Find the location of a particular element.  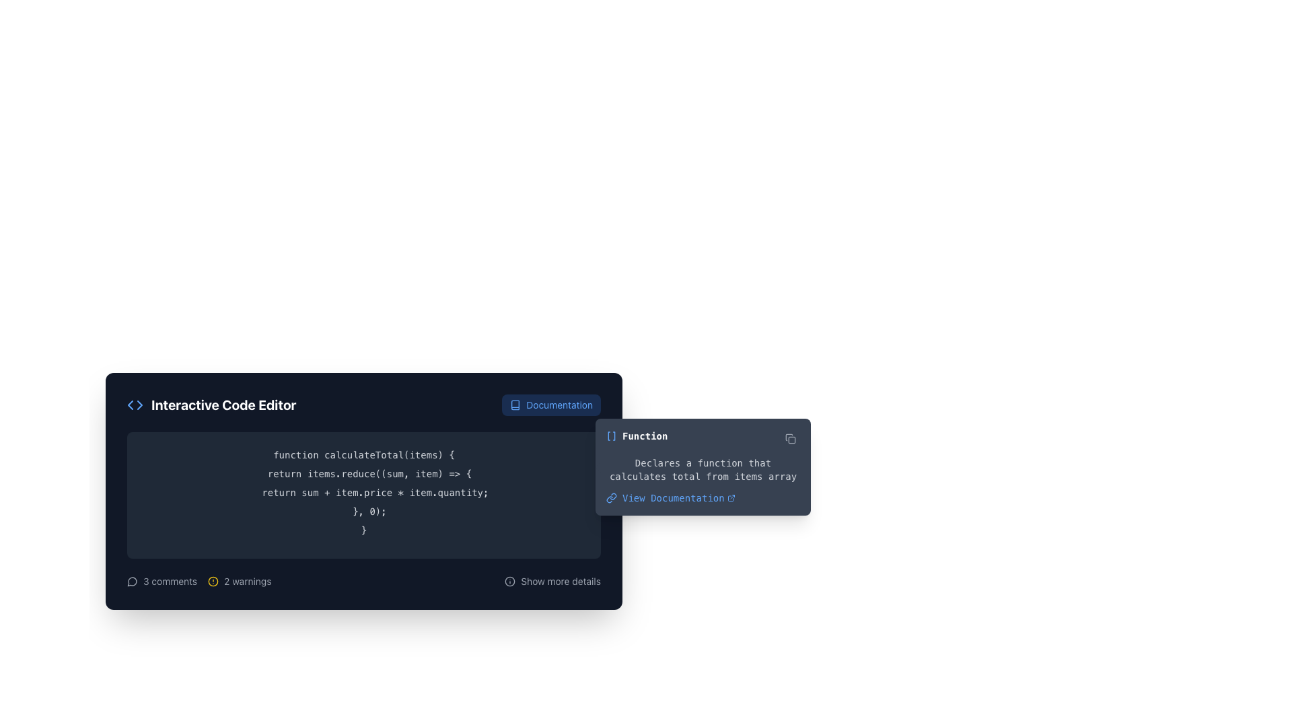

the button located on the right side of the 'Interactive Code Editor' title is located at coordinates (551, 404).